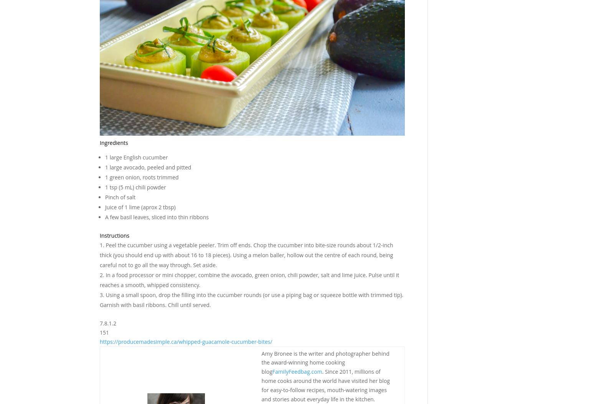 The width and height of the screenshot is (614, 404). I want to click on 'In a food processor or mini chopper, combine the avocado, green onion, chili powder, salt and lime juice. Pulse until it reaches a smooth, whipped consistency.', so click(249, 279).